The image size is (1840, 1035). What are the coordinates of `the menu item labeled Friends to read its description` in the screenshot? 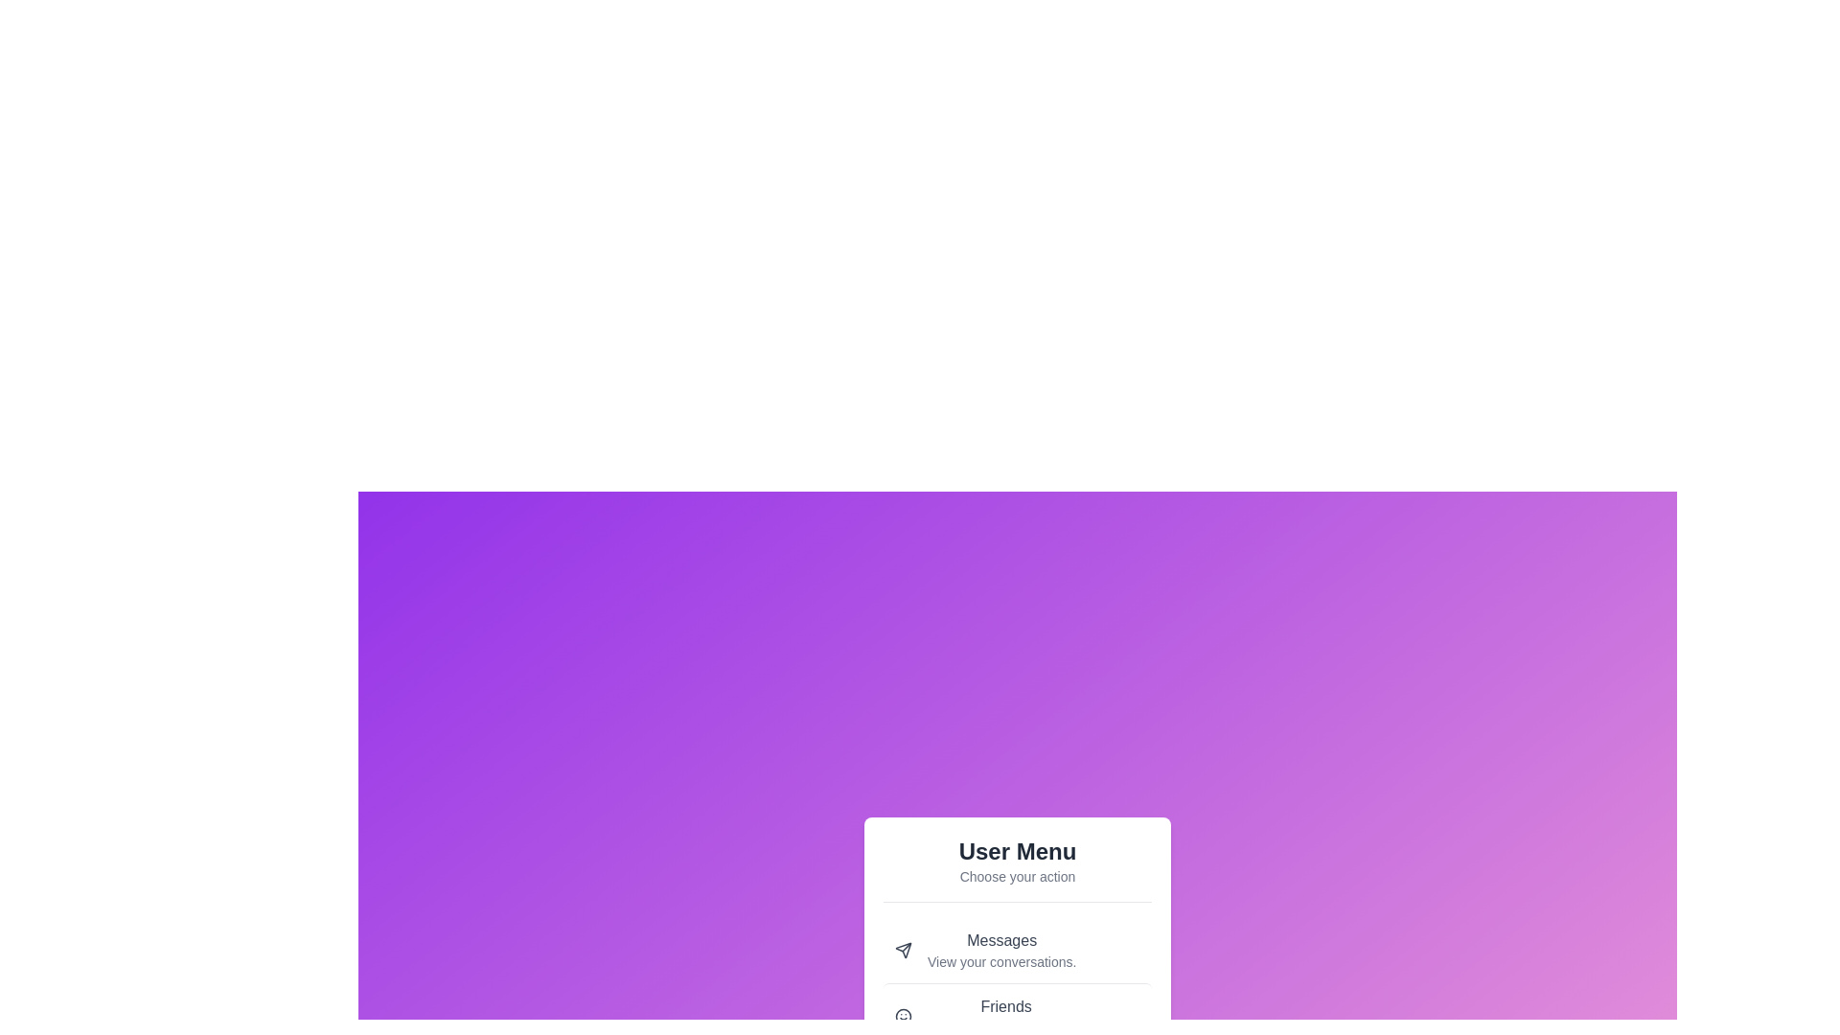 It's located at (1016, 1015).